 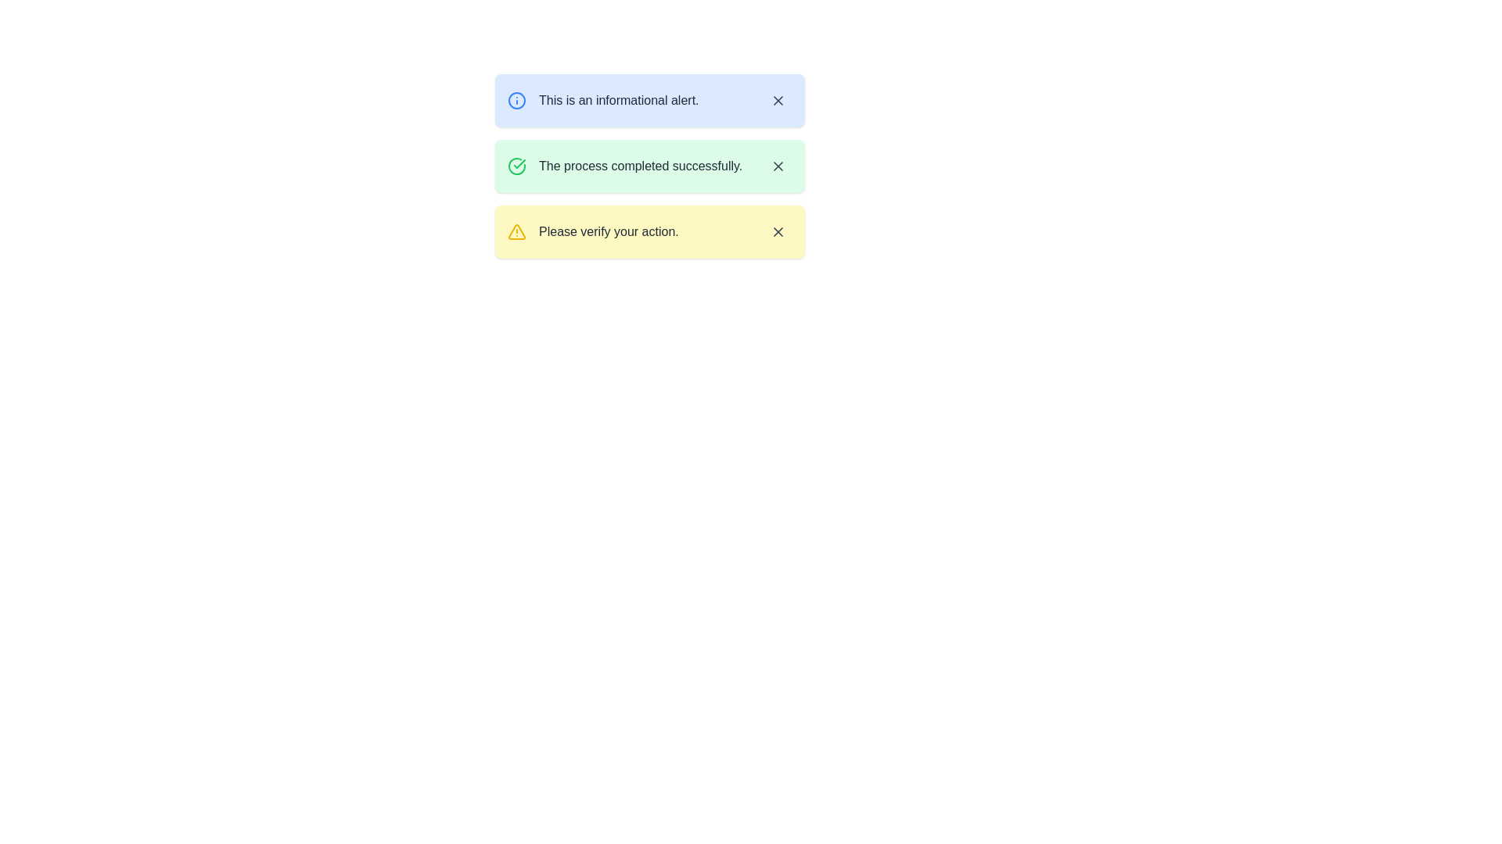 What do you see at coordinates (649, 100) in the screenshot?
I see `informational message from the blue notification alert banner containing the text 'This is an informational alert.'` at bounding box center [649, 100].